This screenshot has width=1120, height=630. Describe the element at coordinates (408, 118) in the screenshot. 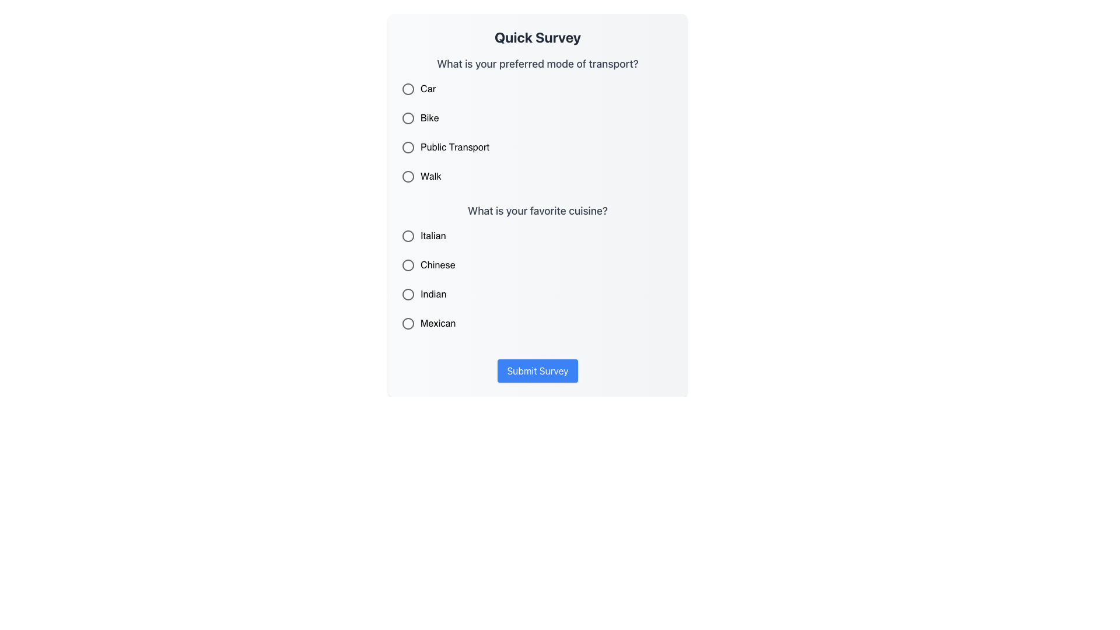

I see `the first radio button for the 'Bike' option under the question 'What is your preferred mode of transport?'` at that location.